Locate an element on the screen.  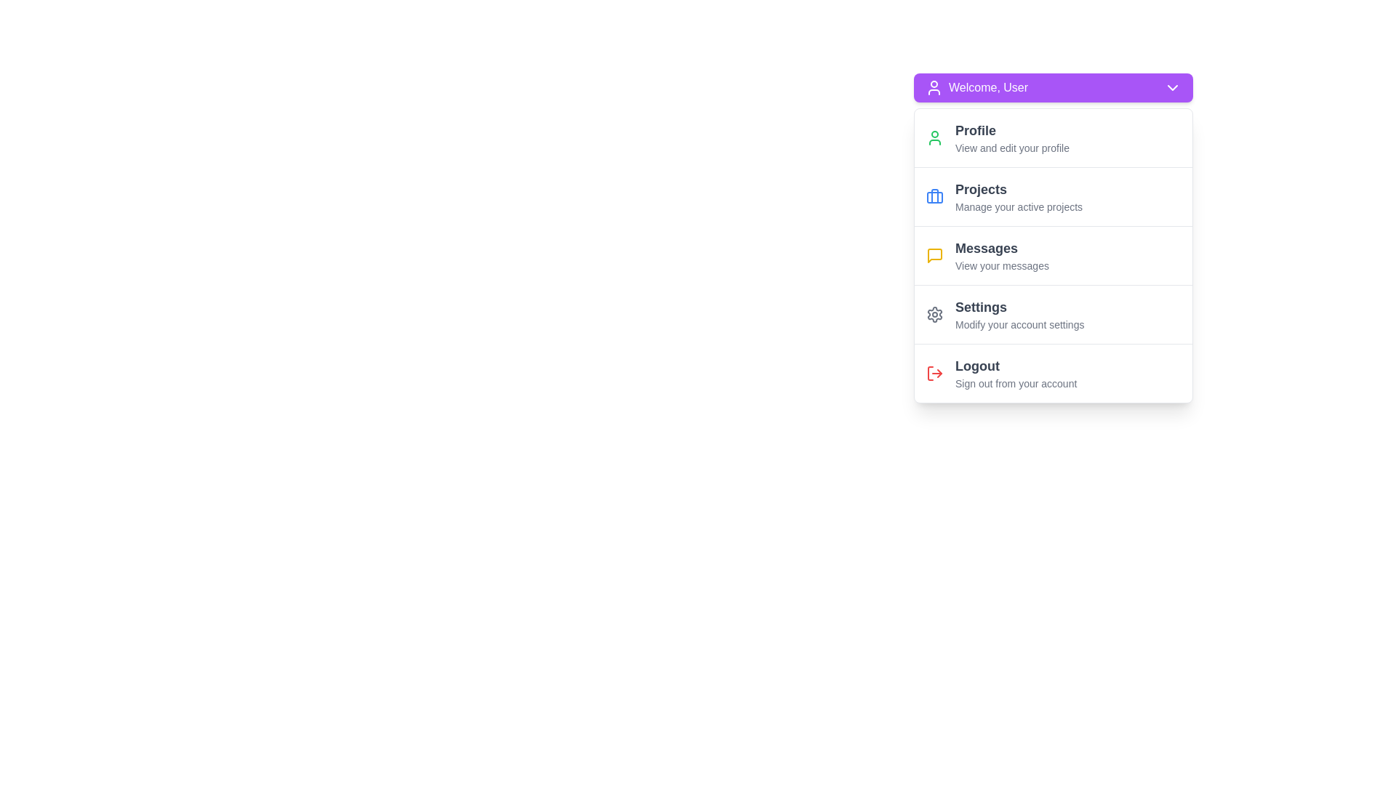
text label that contains 'Manage your active projects', which is displayed in gray font under the 'Projects' header in the dropdown menu is located at coordinates (1018, 207).